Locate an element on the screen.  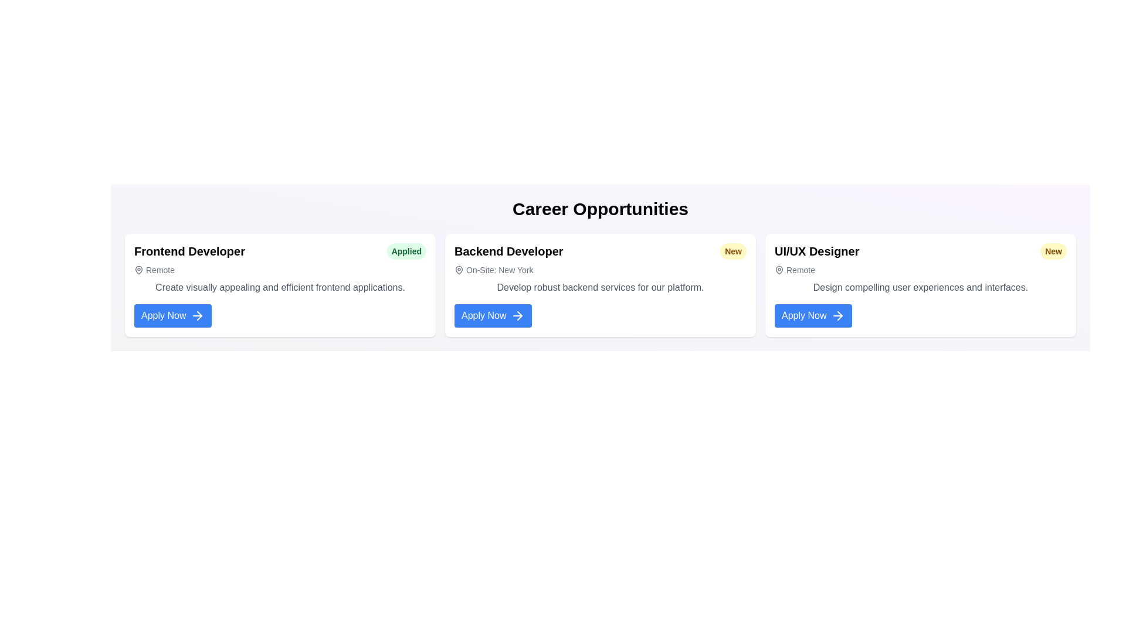
the location pin icon representing 'Remote' within the job description card for the 'UI/UX Designer' position, as it is part of a larger clickable area is located at coordinates (779, 269).